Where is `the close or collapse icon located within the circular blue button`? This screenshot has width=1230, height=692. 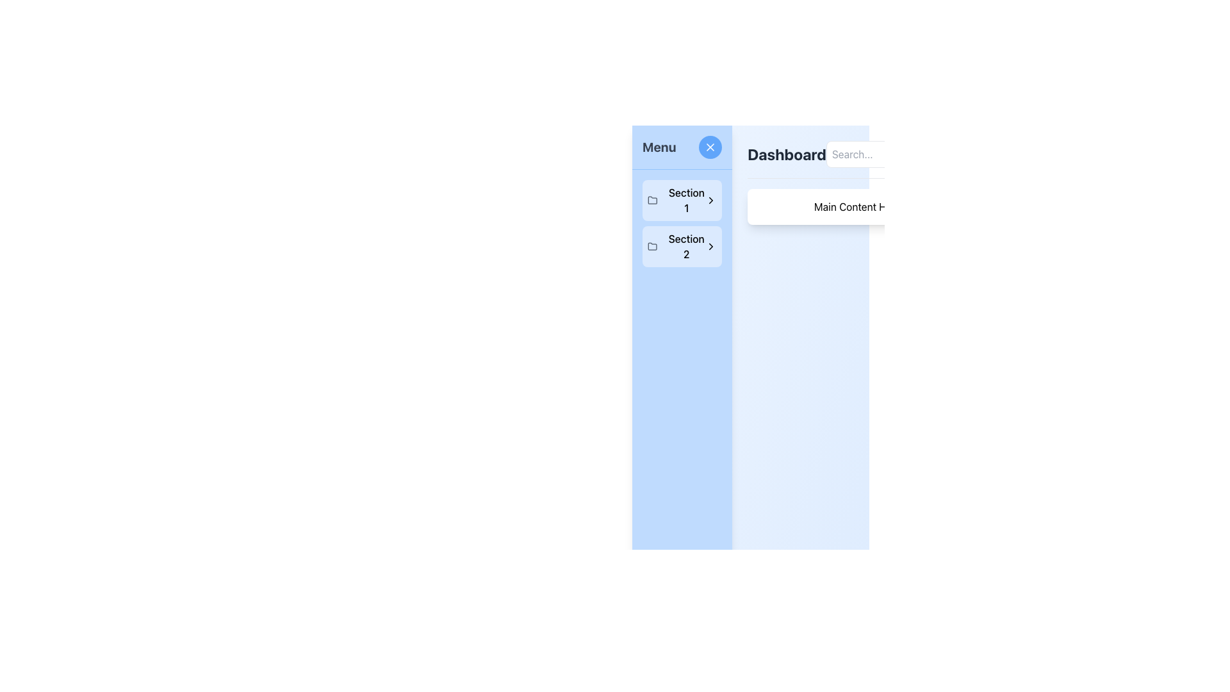 the close or collapse icon located within the circular blue button is located at coordinates (710, 147).